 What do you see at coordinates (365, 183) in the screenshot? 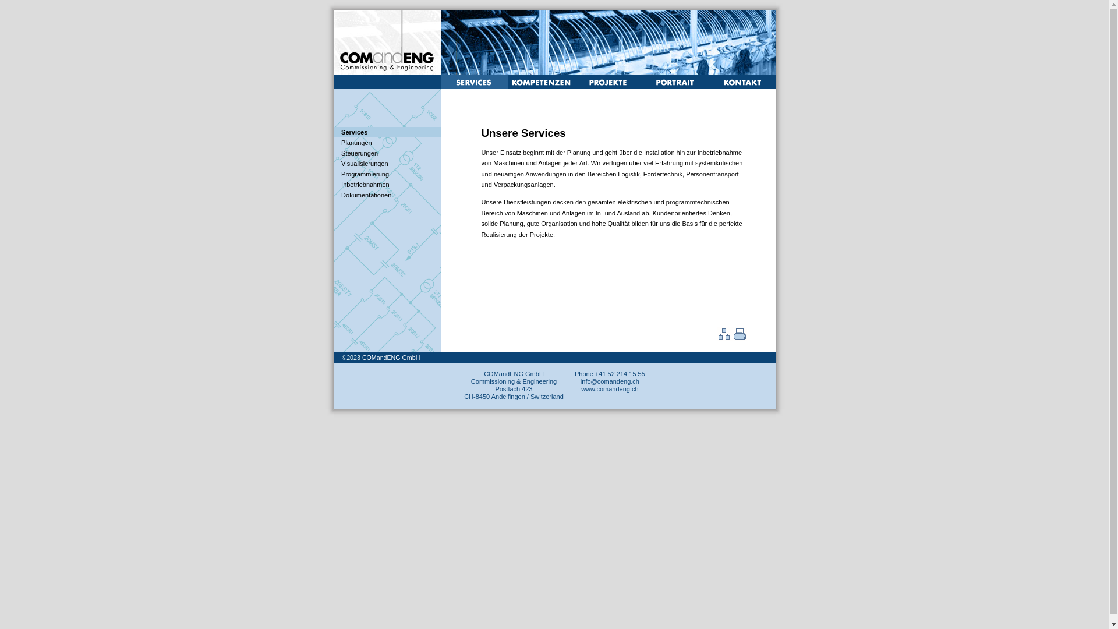
I see `'Inbetriebnahmen'` at bounding box center [365, 183].